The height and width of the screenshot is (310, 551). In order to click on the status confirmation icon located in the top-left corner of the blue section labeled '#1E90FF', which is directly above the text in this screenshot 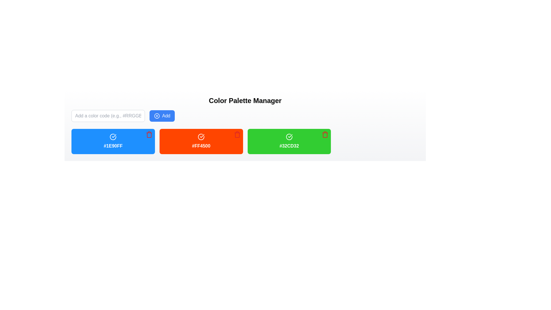, I will do `click(113, 137)`.